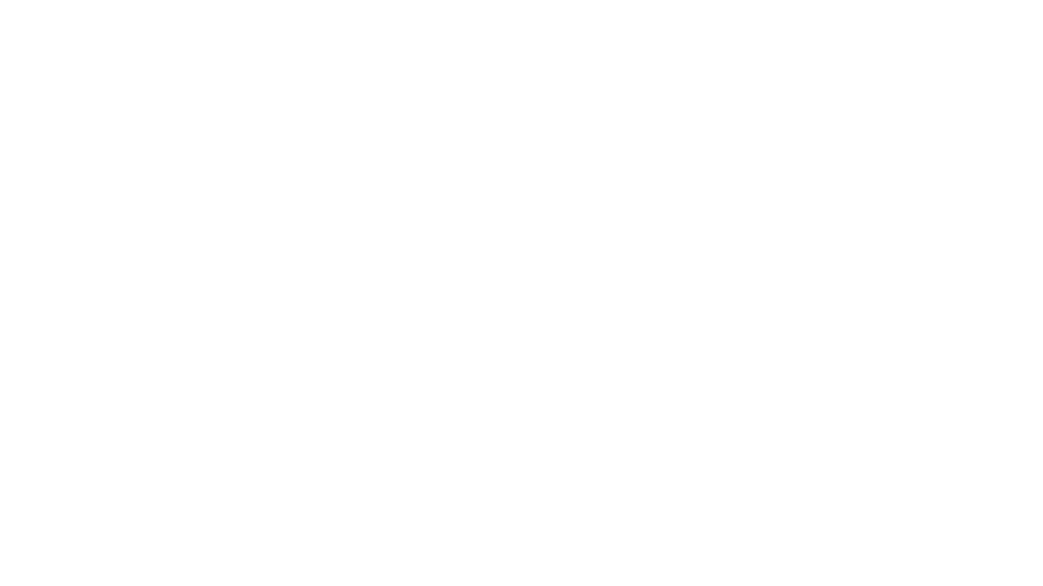  Describe the element at coordinates (584, 231) in the screenshot. I see `Expand` at that location.